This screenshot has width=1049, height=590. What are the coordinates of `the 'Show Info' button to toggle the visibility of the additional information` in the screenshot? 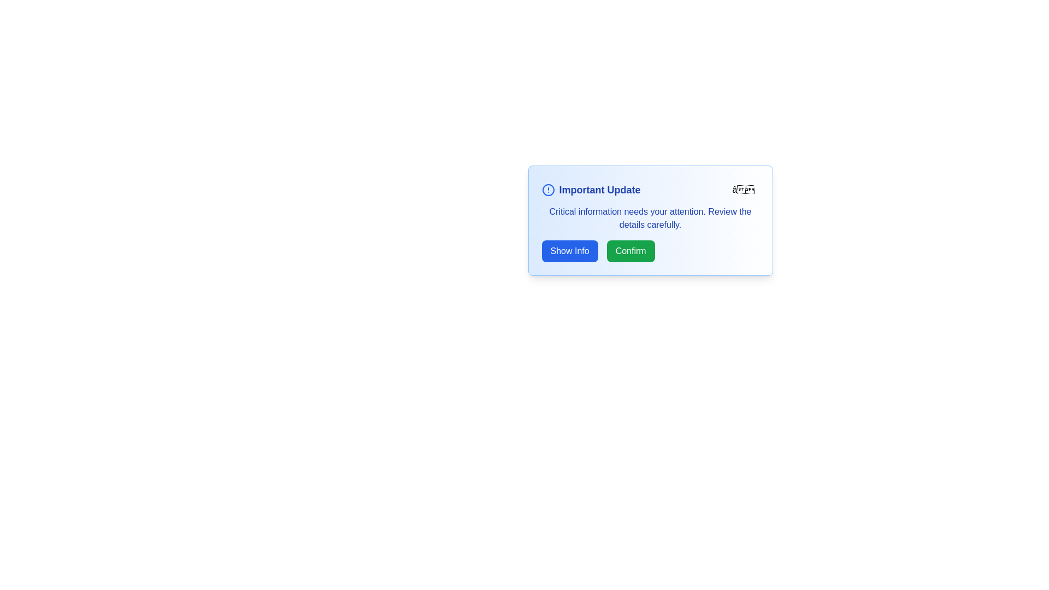 It's located at (569, 251).